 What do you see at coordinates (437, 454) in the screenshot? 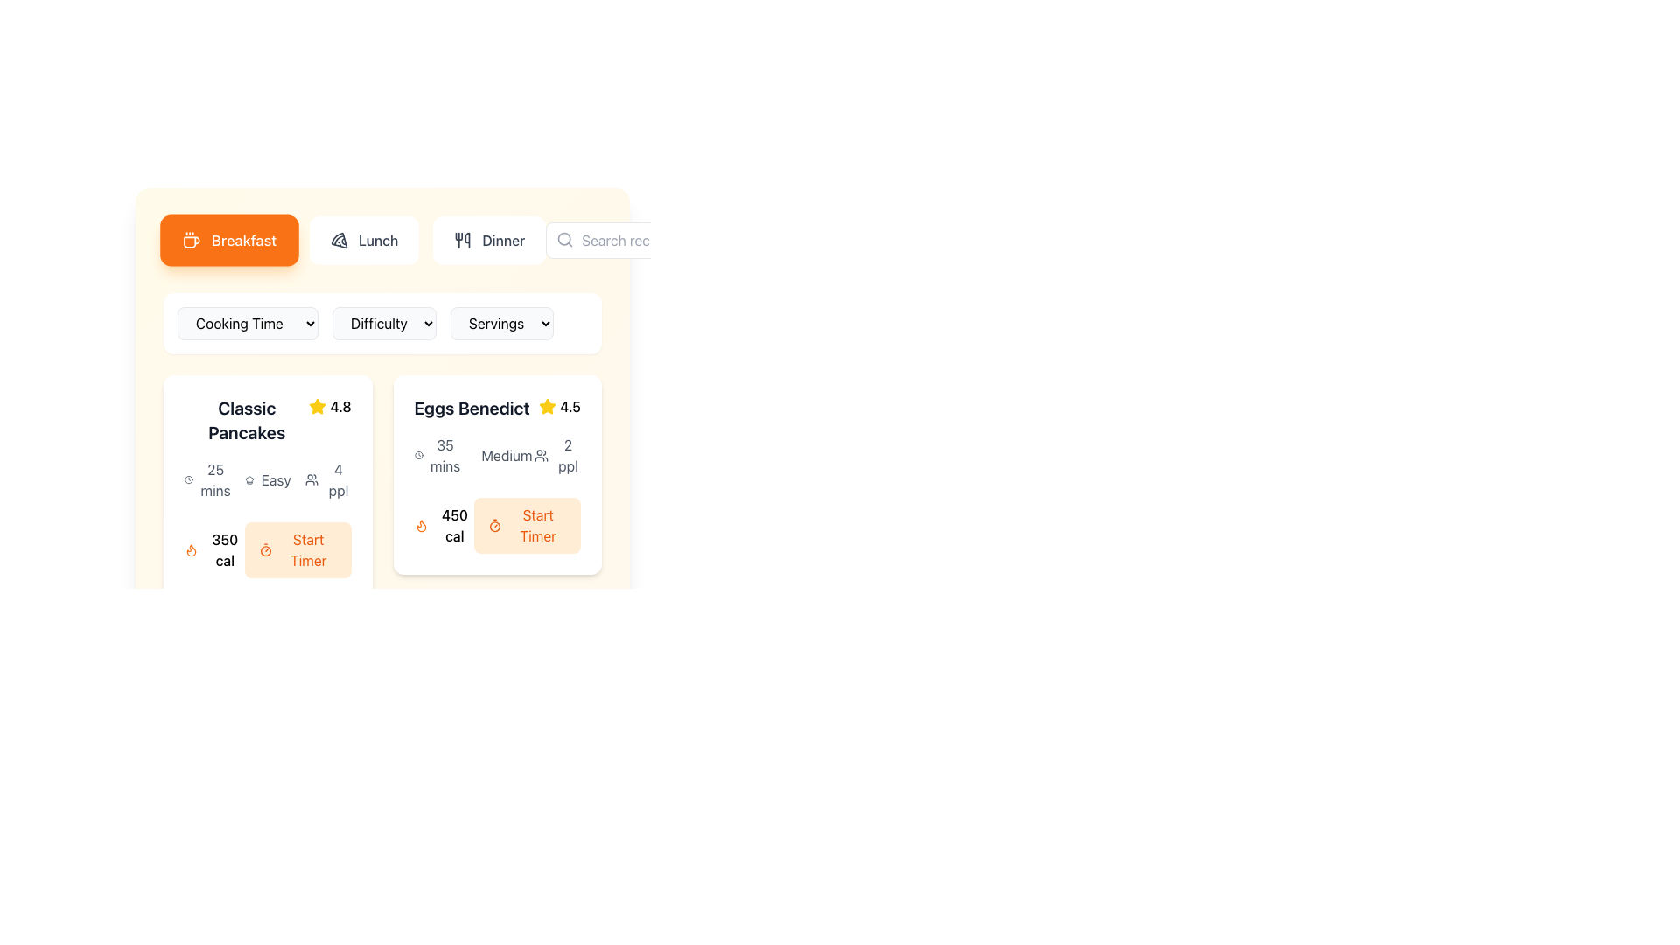
I see `the information display element that indicates the estimated preparation time for the 'Eggs Benedict' recipe, located in the top-left corner of the recipe card` at bounding box center [437, 454].